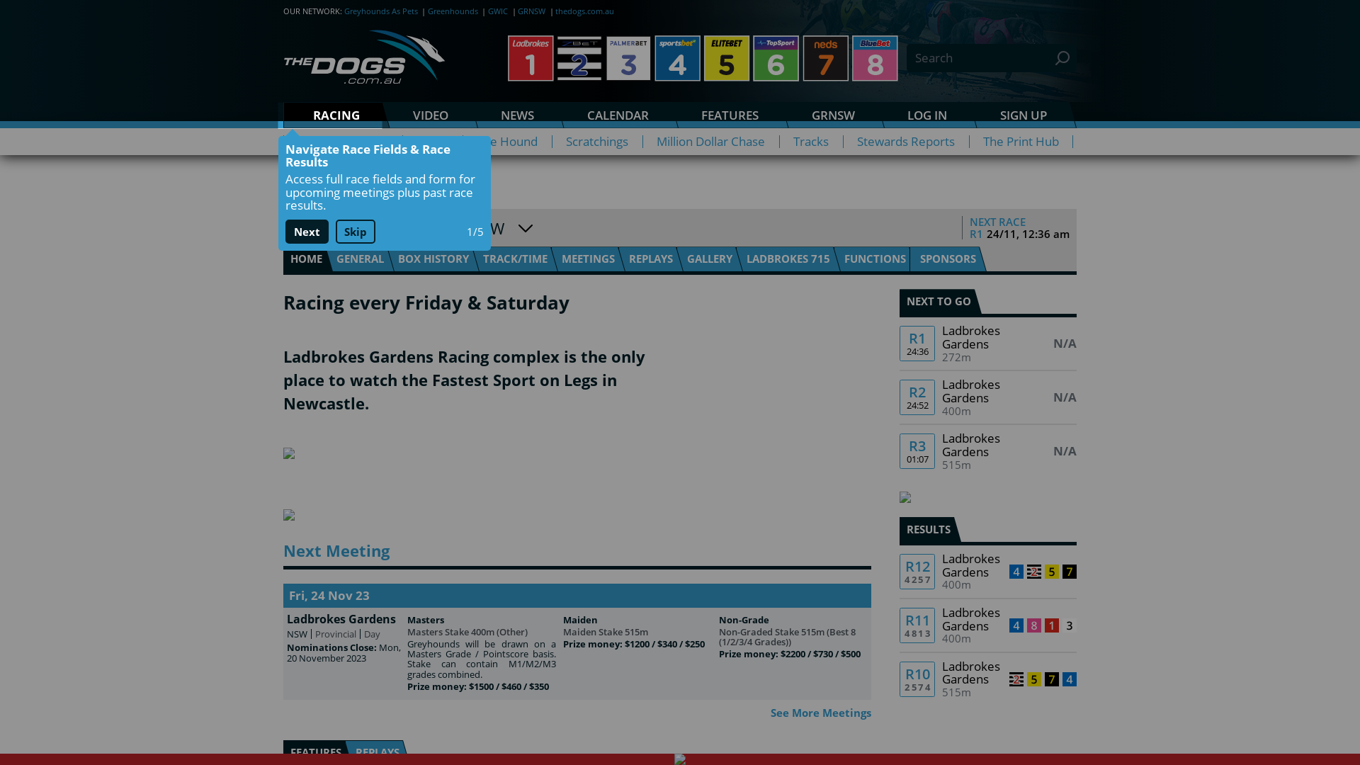 The height and width of the screenshot is (765, 1360). Describe the element at coordinates (1024, 114) in the screenshot. I see `'SIGN UP'` at that location.